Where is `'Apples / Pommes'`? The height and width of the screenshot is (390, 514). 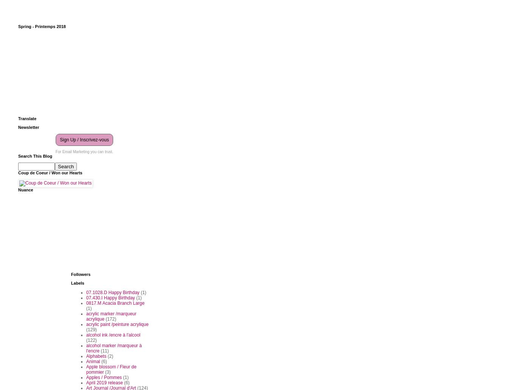 'Apples / Pommes' is located at coordinates (104, 377).